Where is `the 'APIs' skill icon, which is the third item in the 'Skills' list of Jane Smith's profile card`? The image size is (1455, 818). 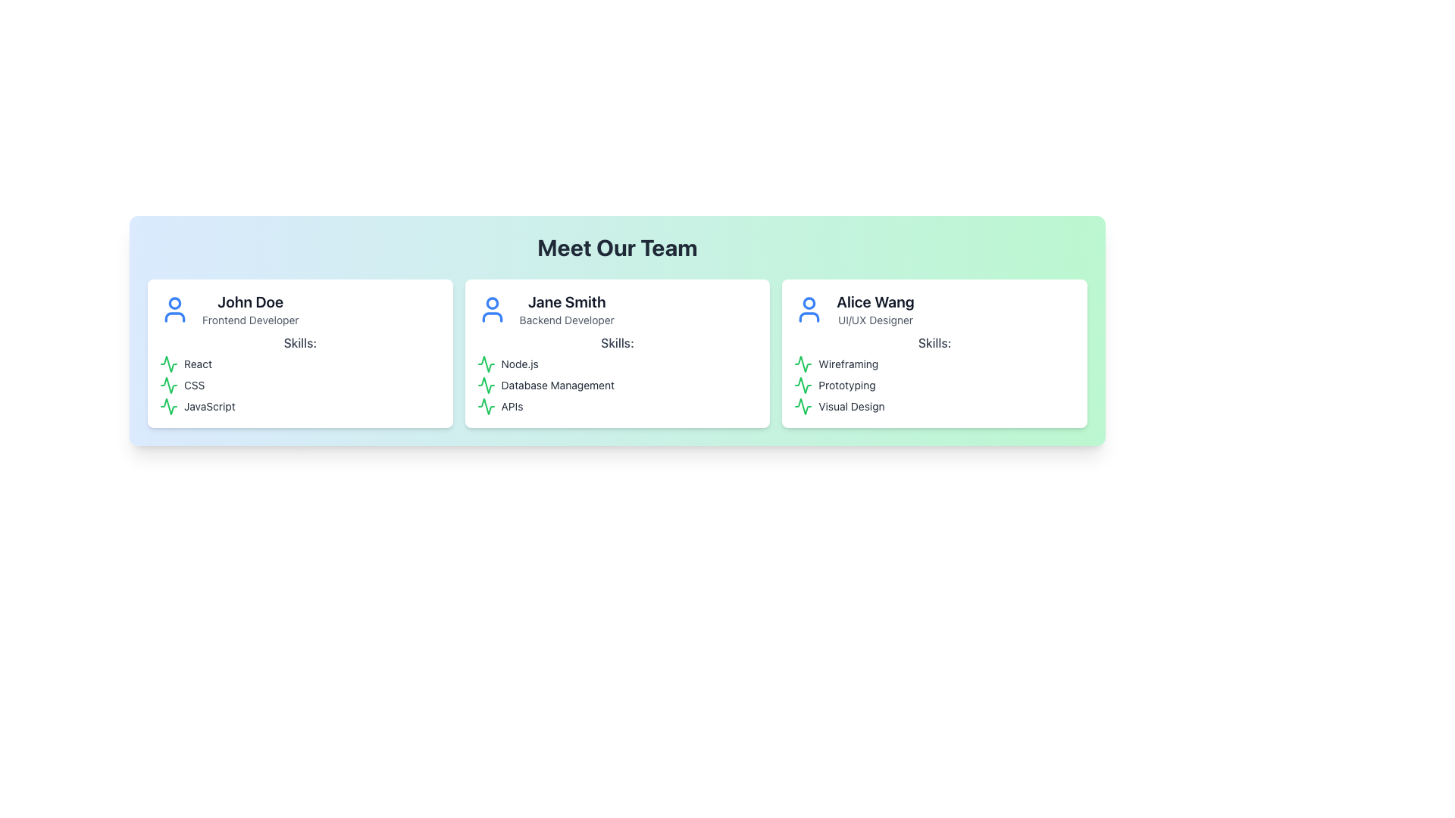
the 'APIs' skill icon, which is the third item in the 'Skills' list of Jane Smith's profile card is located at coordinates (486, 405).